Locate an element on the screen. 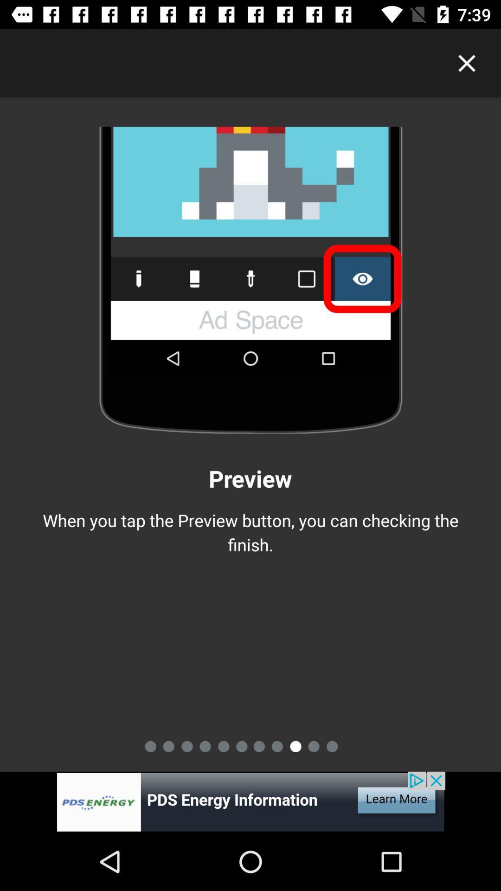  close is located at coordinates (467, 63).